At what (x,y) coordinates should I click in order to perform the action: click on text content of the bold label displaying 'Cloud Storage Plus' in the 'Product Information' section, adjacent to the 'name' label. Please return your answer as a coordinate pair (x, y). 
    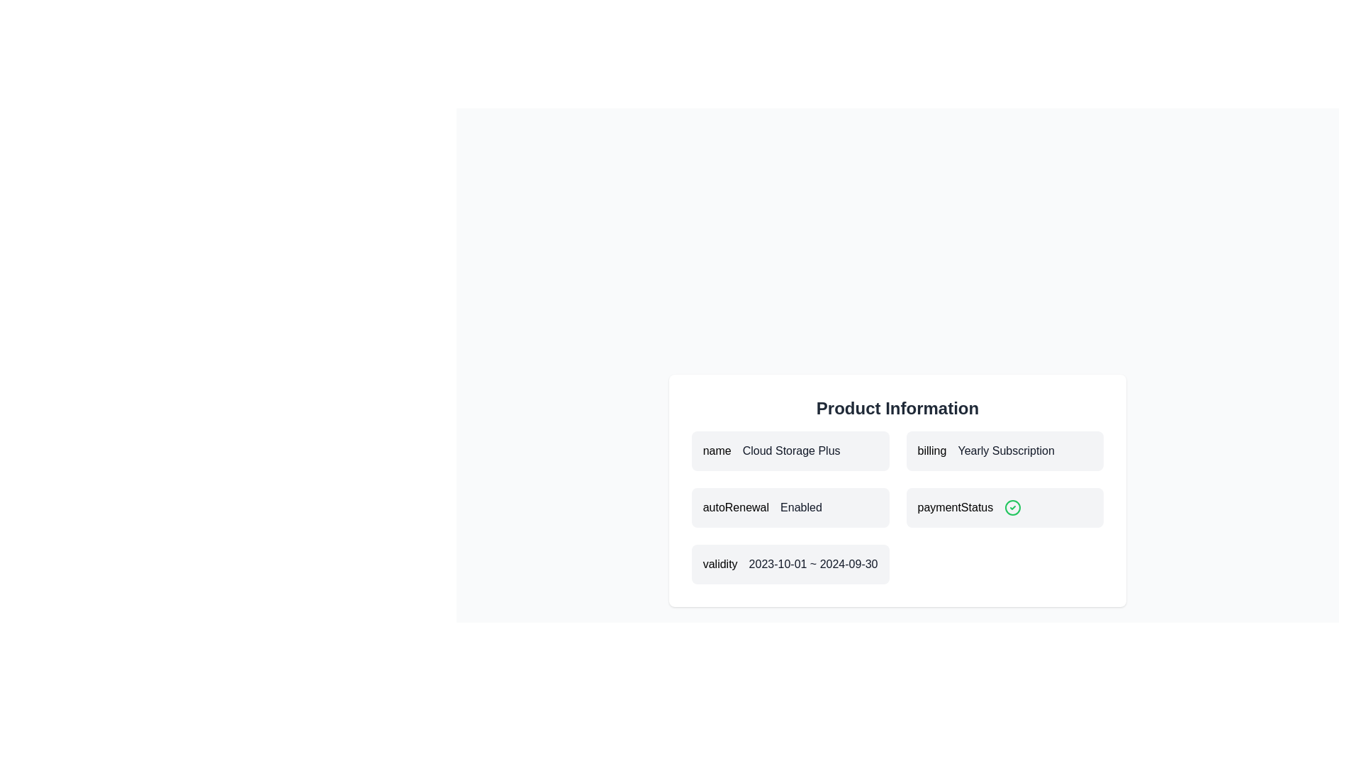
    Looking at the image, I should click on (790, 450).